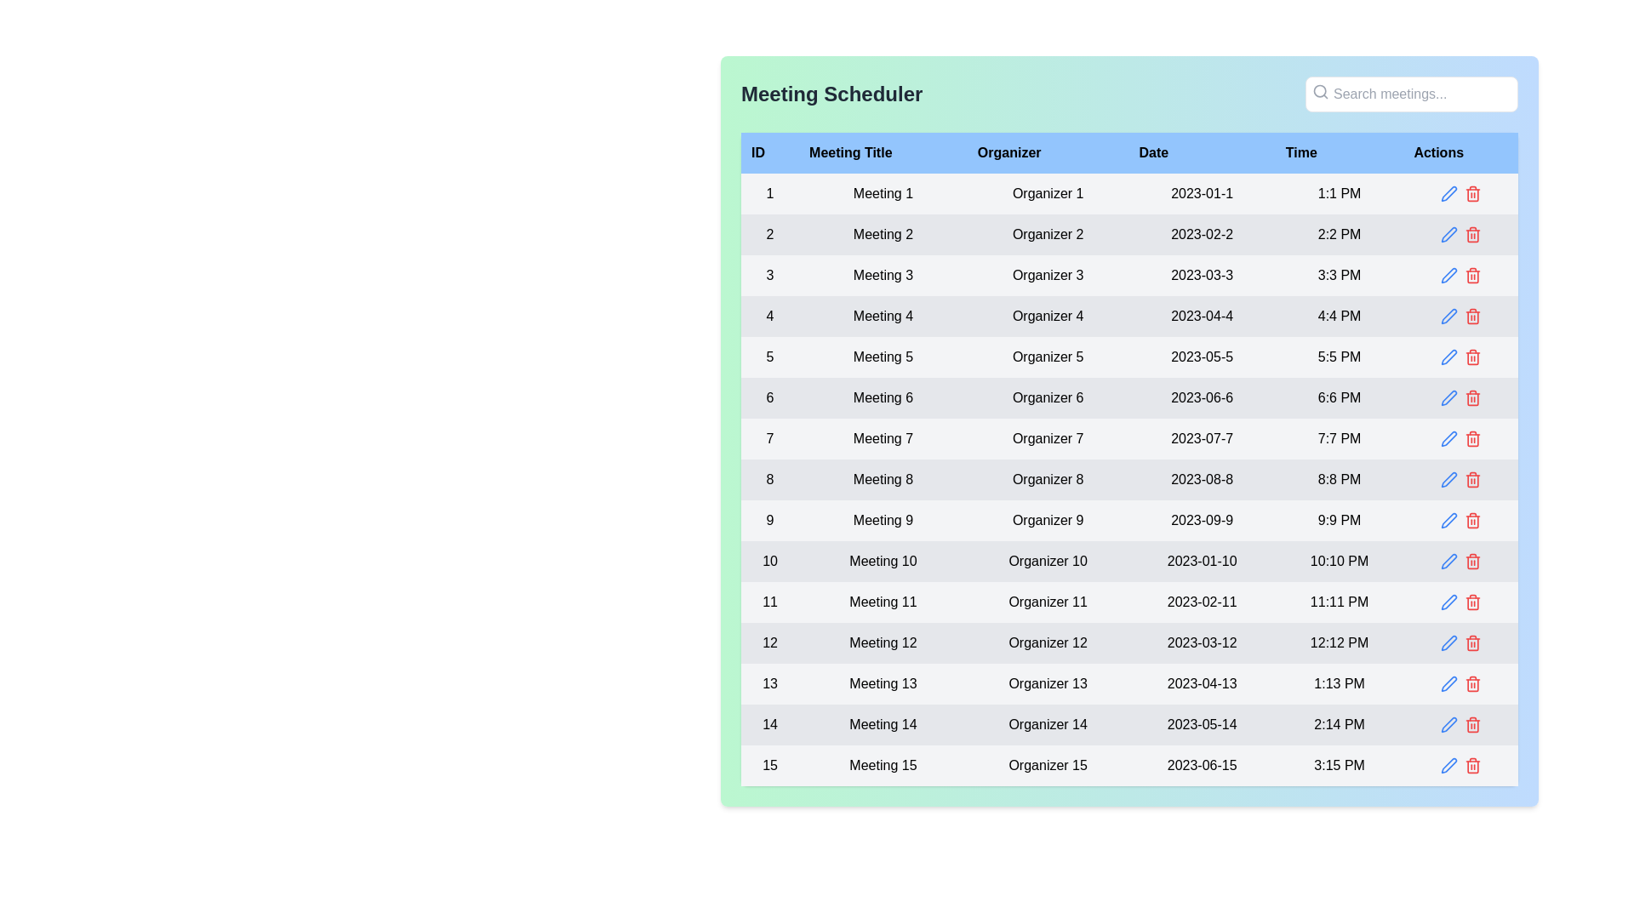 This screenshot has width=1634, height=919. What do you see at coordinates (1460, 602) in the screenshot?
I see `the action group with blue pencil and red trash can icons located in the last column of the row labeled '11'` at bounding box center [1460, 602].